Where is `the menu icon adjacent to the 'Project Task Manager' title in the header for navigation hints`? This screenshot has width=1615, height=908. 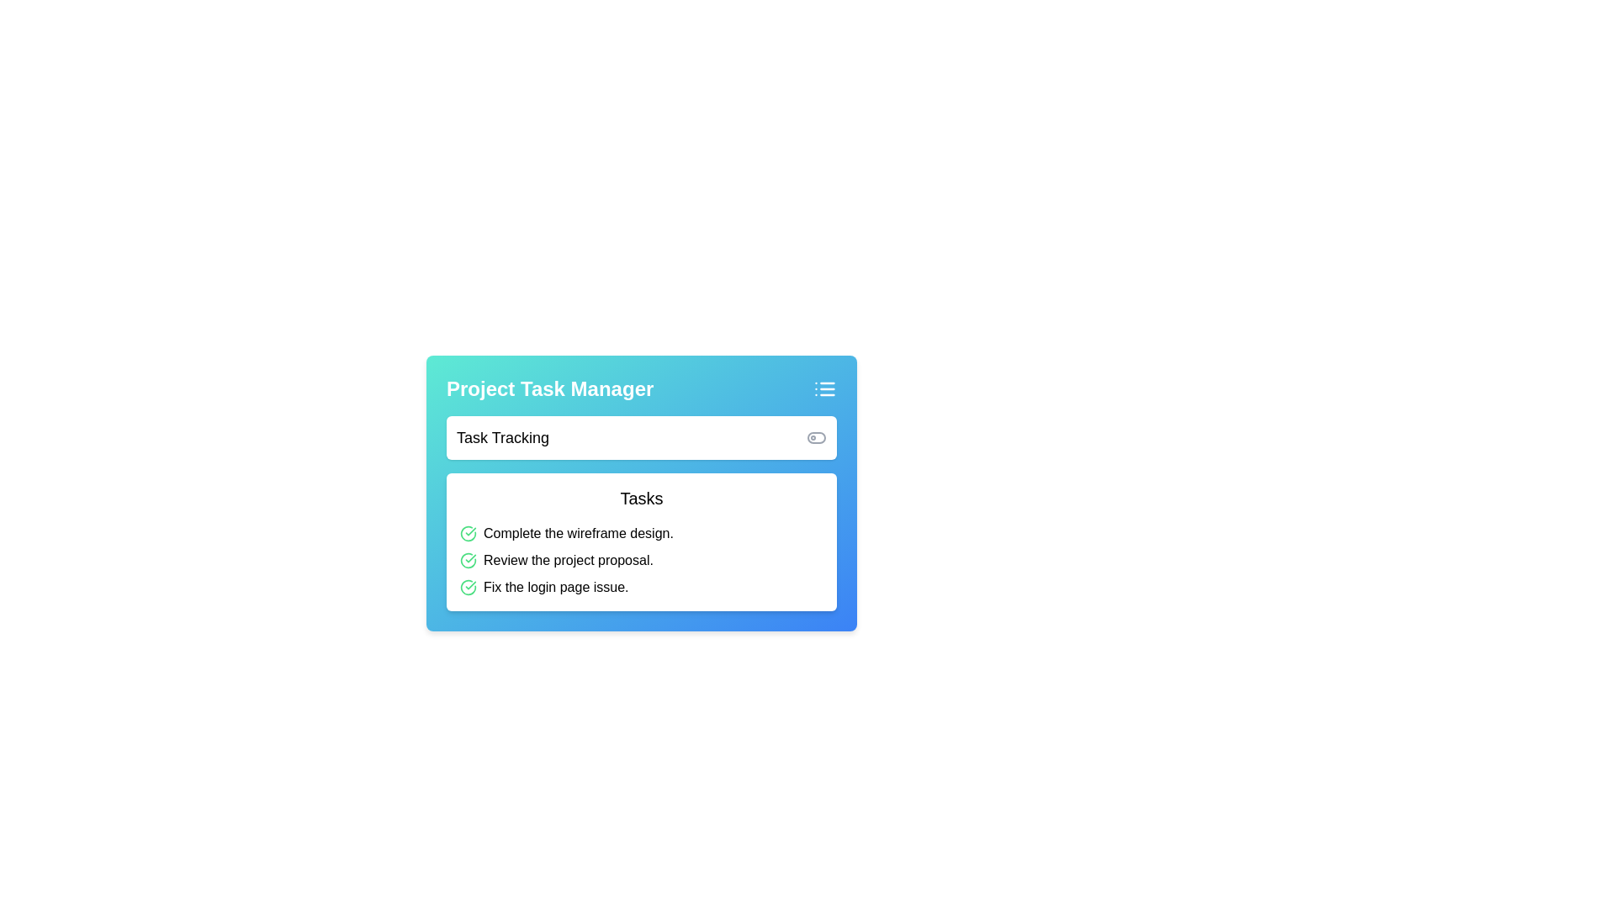
the menu icon adjacent to the 'Project Task Manager' title in the header for navigation hints is located at coordinates (641, 388).